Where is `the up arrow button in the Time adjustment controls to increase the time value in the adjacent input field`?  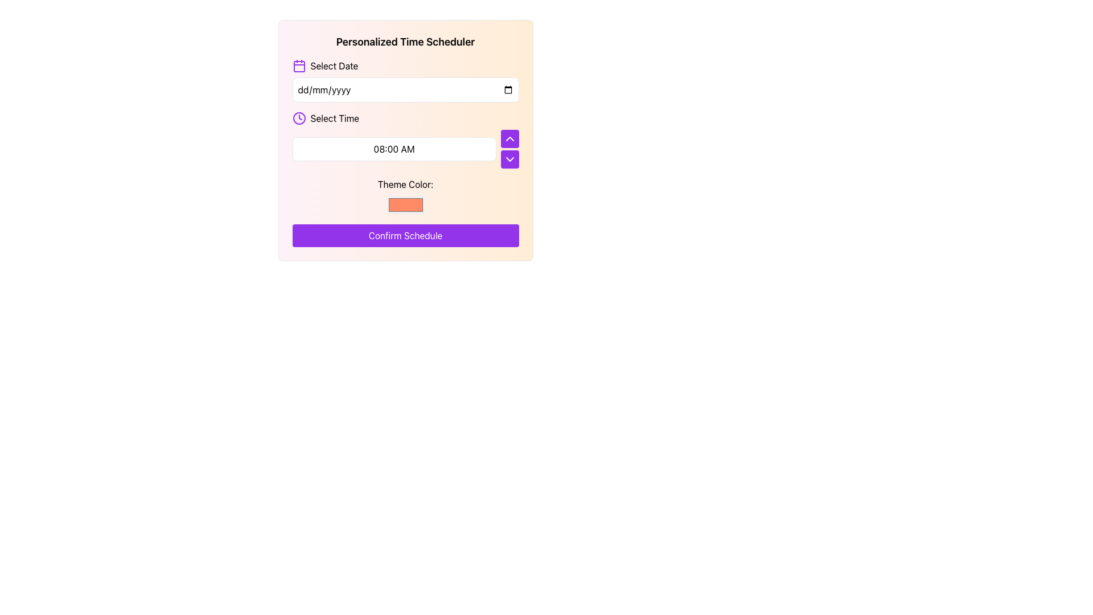 the up arrow button in the Time adjustment controls to increase the time value in the adjacent input field is located at coordinates (509, 149).